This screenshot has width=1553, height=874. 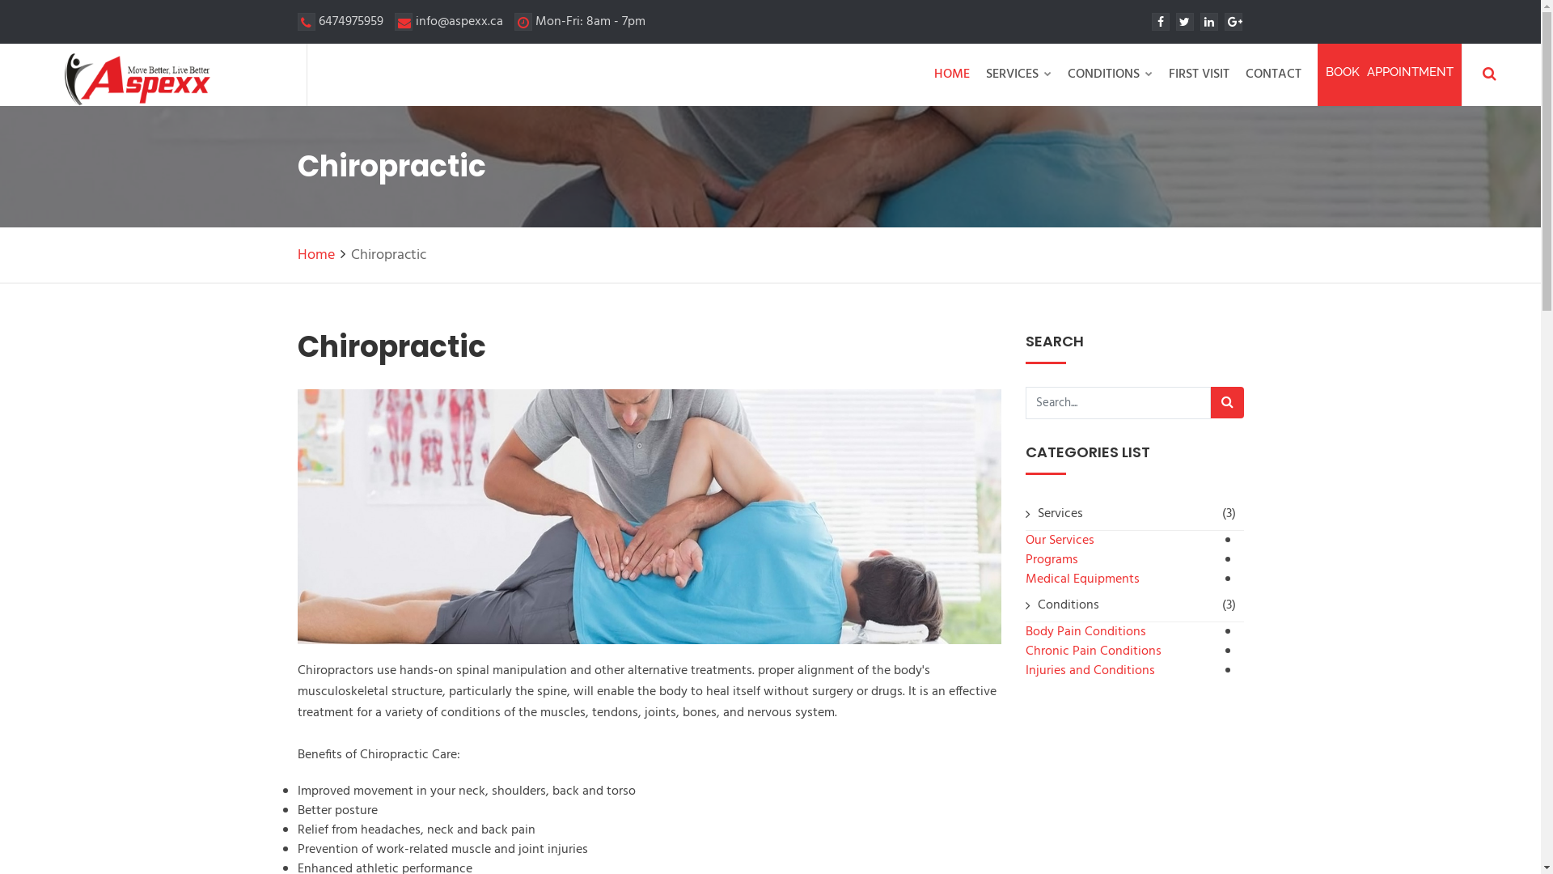 What do you see at coordinates (977, 74) in the screenshot?
I see `'SERVICES'` at bounding box center [977, 74].